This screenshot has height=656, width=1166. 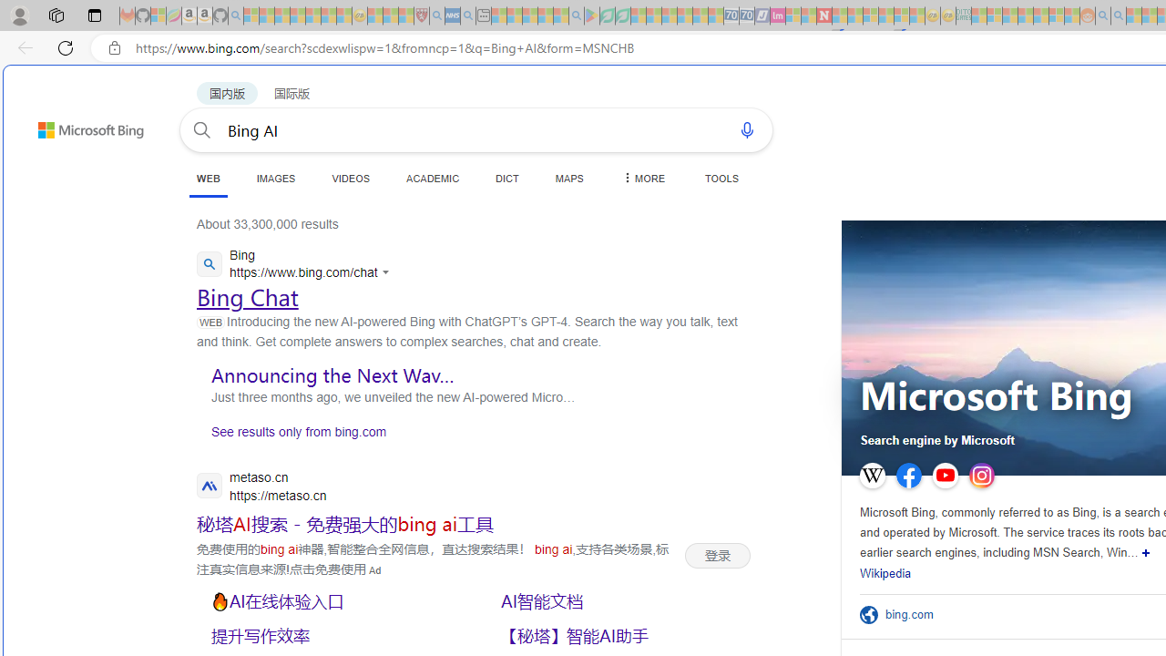 What do you see at coordinates (854, 15) in the screenshot?
I see `'14 Common Myths Debunked By Scientific Facts - Sleeping'` at bounding box center [854, 15].